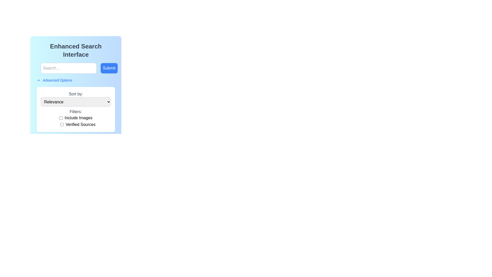  What do you see at coordinates (78, 118) in the screenshot?
I see `the text label that indicates the functionality of the adjacent checkbox for toggling the 'Include Images' filter, located in the 'Filters' section beneath the 'Sort by:' dropdown` at bounding box center [78, 118].